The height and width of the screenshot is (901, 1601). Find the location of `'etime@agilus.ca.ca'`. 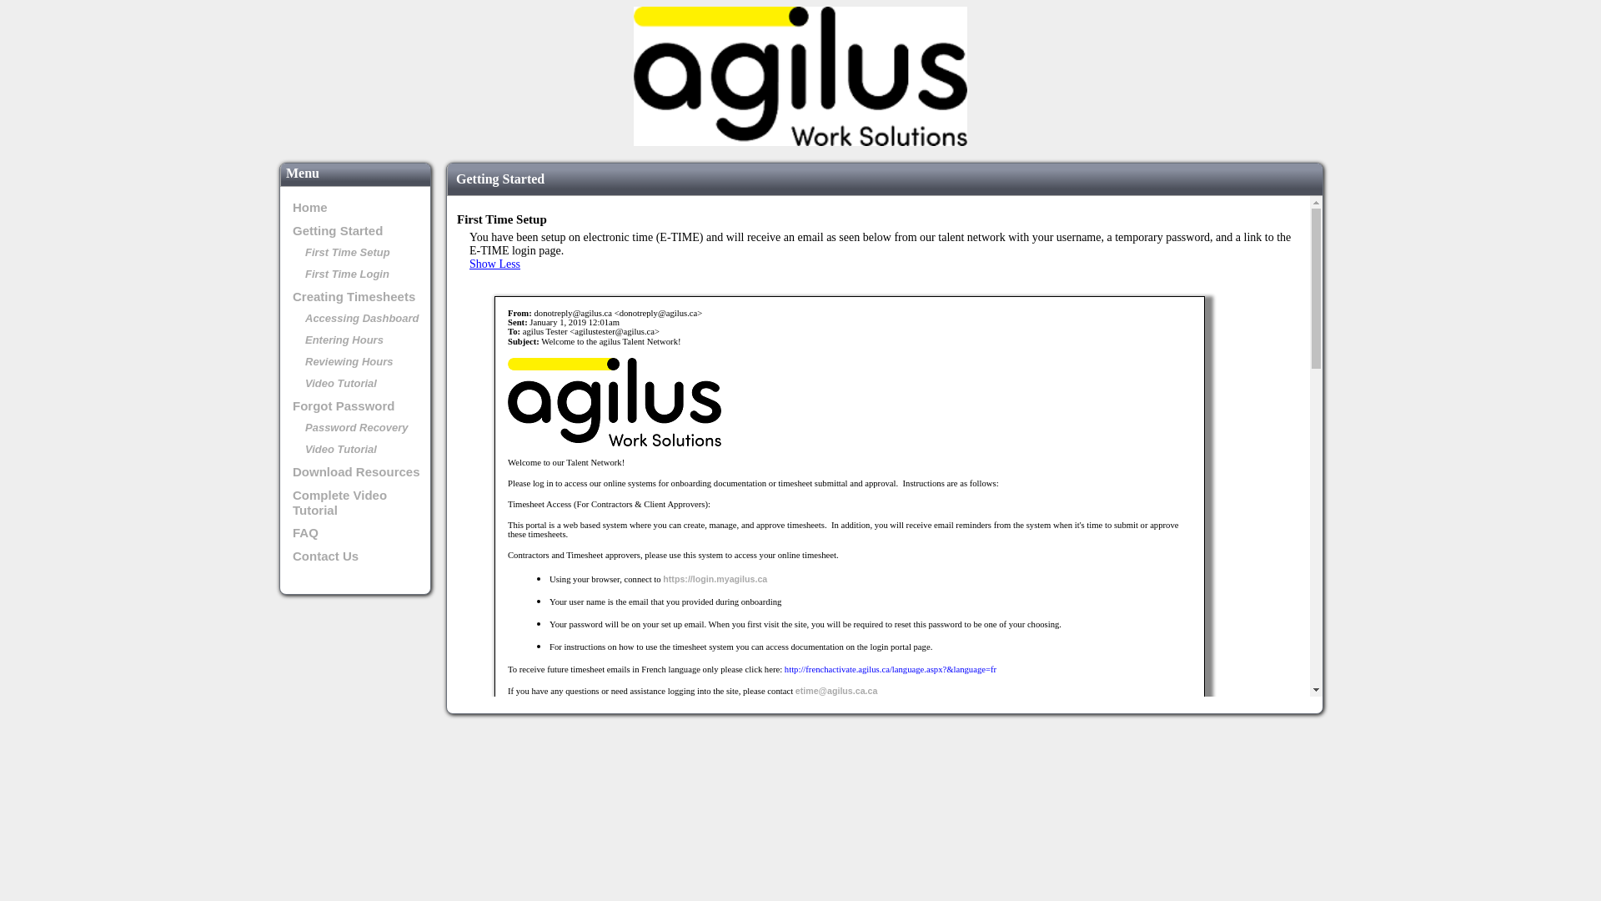

'etime@agilus.ca.ca' is located at coordinates (836, 691).